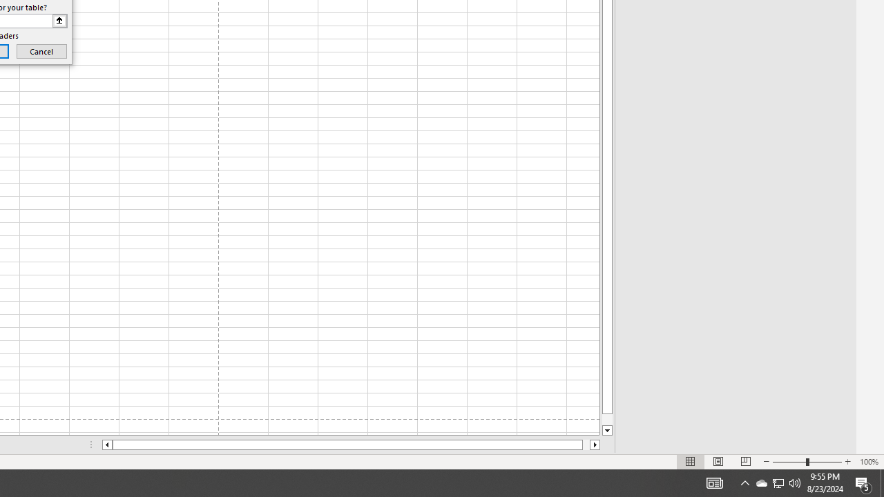 Image resolution: width=884 pixels, height=497 pixels. What do you see at coordinates (807, 462) in the screenshot?
I see `'Zoom'` at bounding box center [807, 462].